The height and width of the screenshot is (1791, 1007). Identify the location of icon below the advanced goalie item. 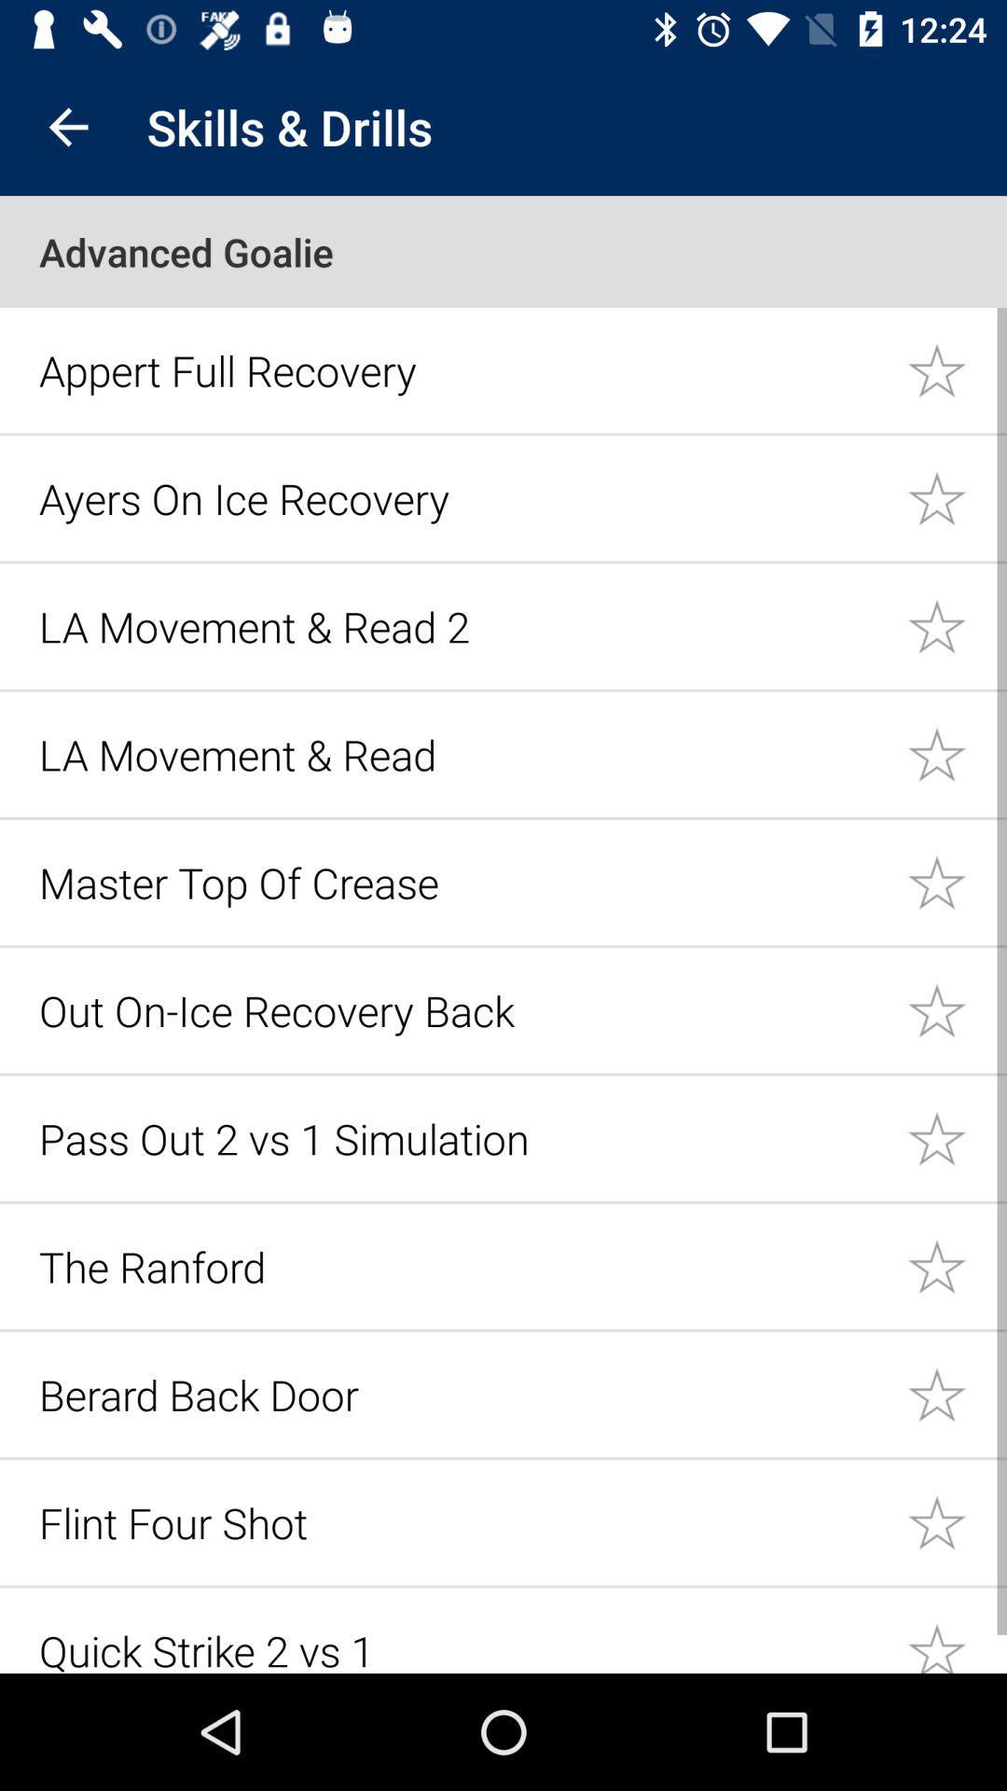
(462, 370).